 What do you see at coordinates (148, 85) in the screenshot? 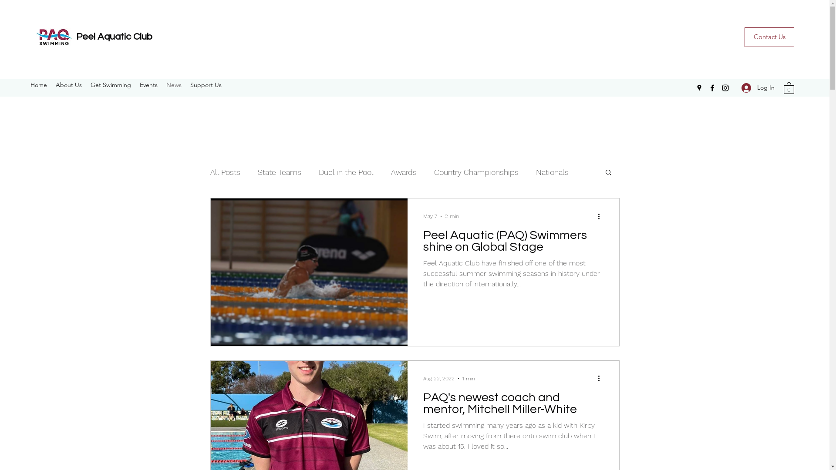
I see `'Events'` at bounding box center [148, 85].